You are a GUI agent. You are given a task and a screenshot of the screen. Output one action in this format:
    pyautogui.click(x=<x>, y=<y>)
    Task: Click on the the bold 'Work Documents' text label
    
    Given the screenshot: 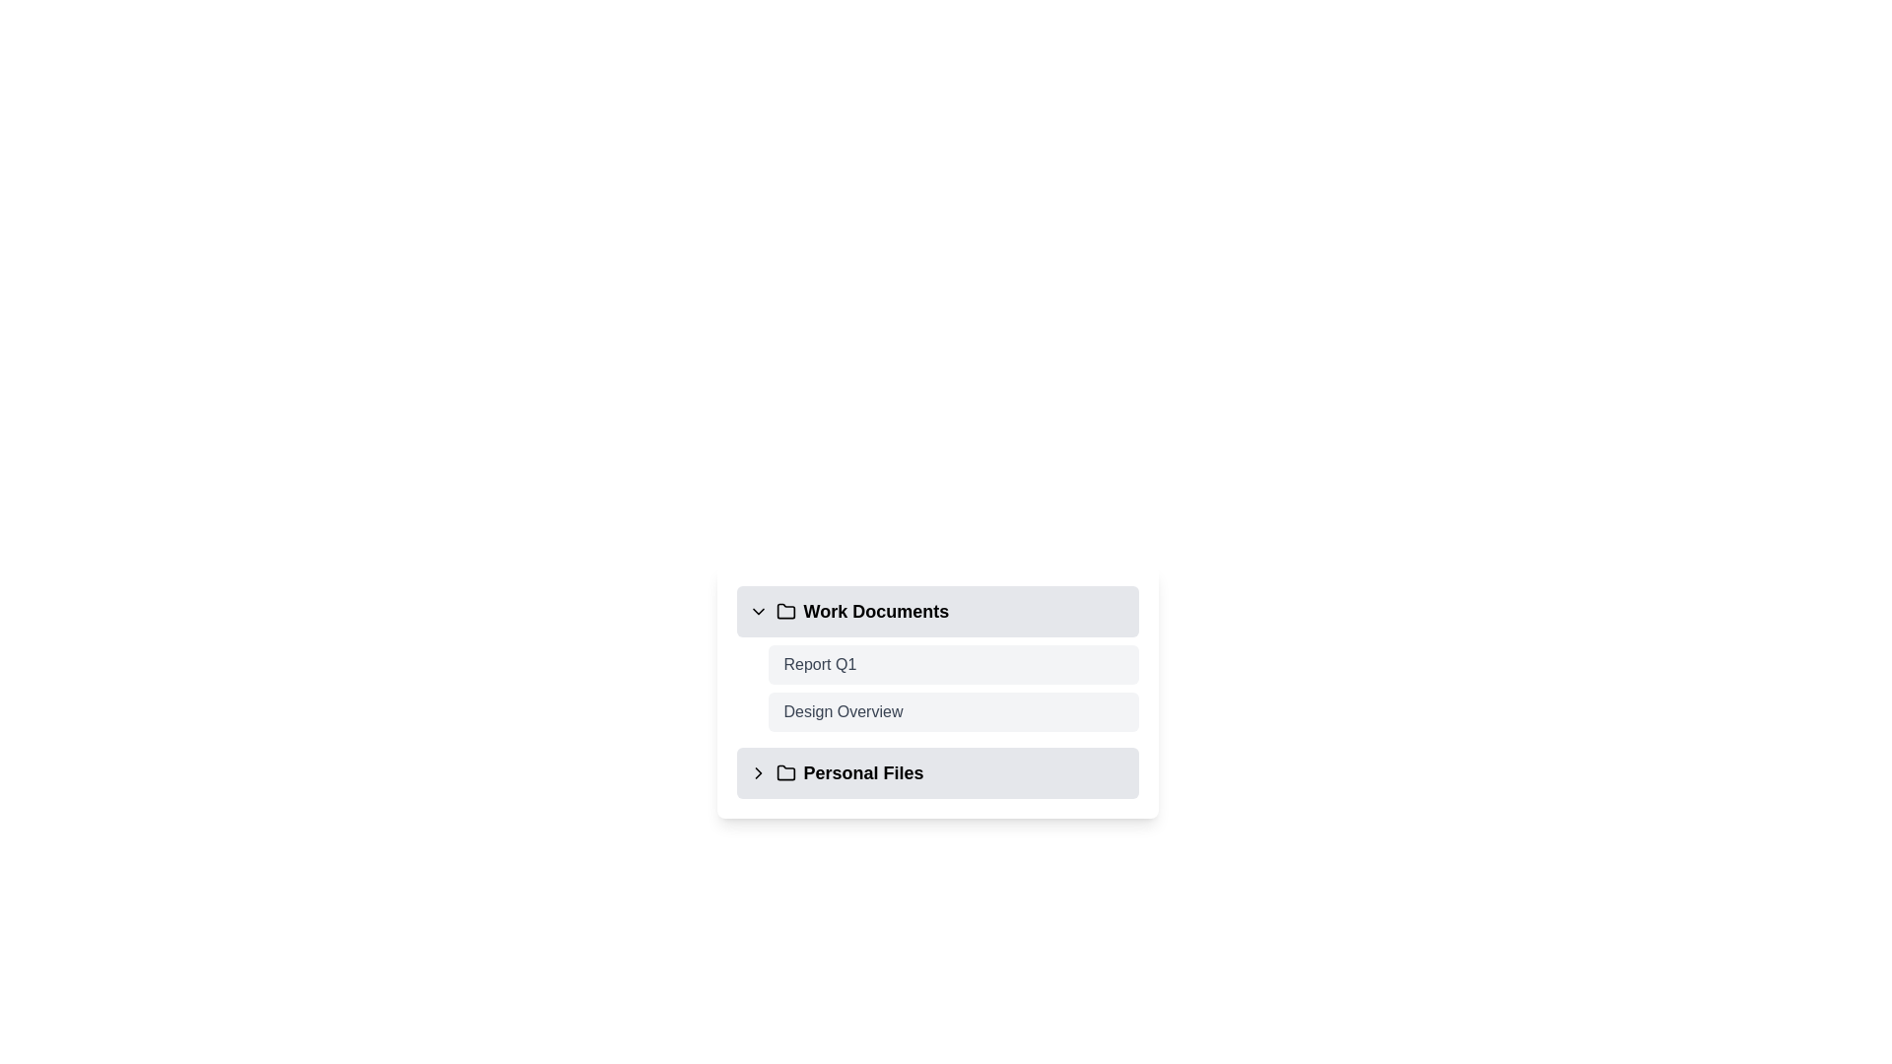 What is the action you would take?
    pyautogui.click(x=875, y=611)
    